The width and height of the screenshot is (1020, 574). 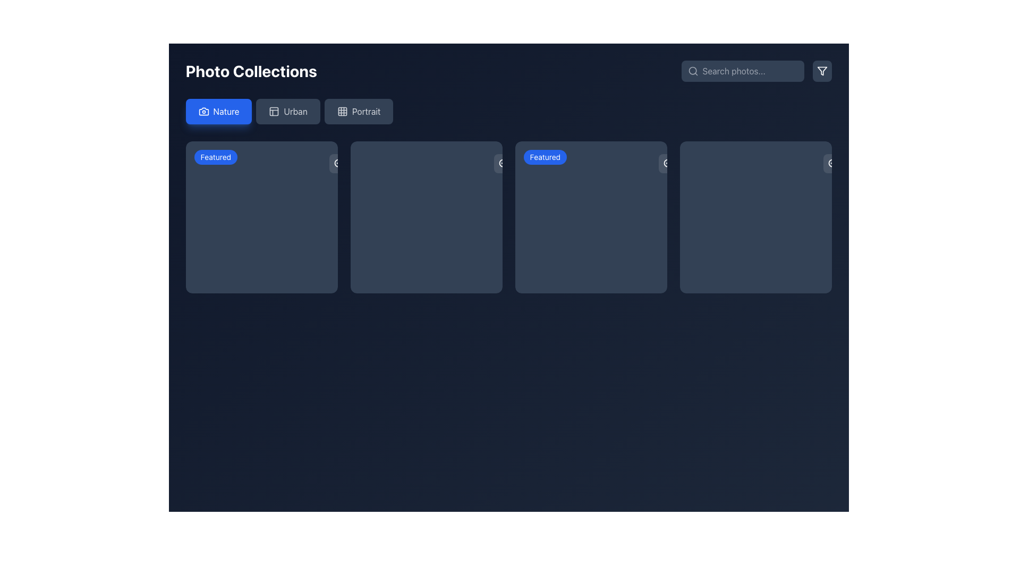 I want to click on the search input field located at the top-right corner of the interface, which has a placeholder text 'Search photos...' to type search queries, so click(x=756, y=71).